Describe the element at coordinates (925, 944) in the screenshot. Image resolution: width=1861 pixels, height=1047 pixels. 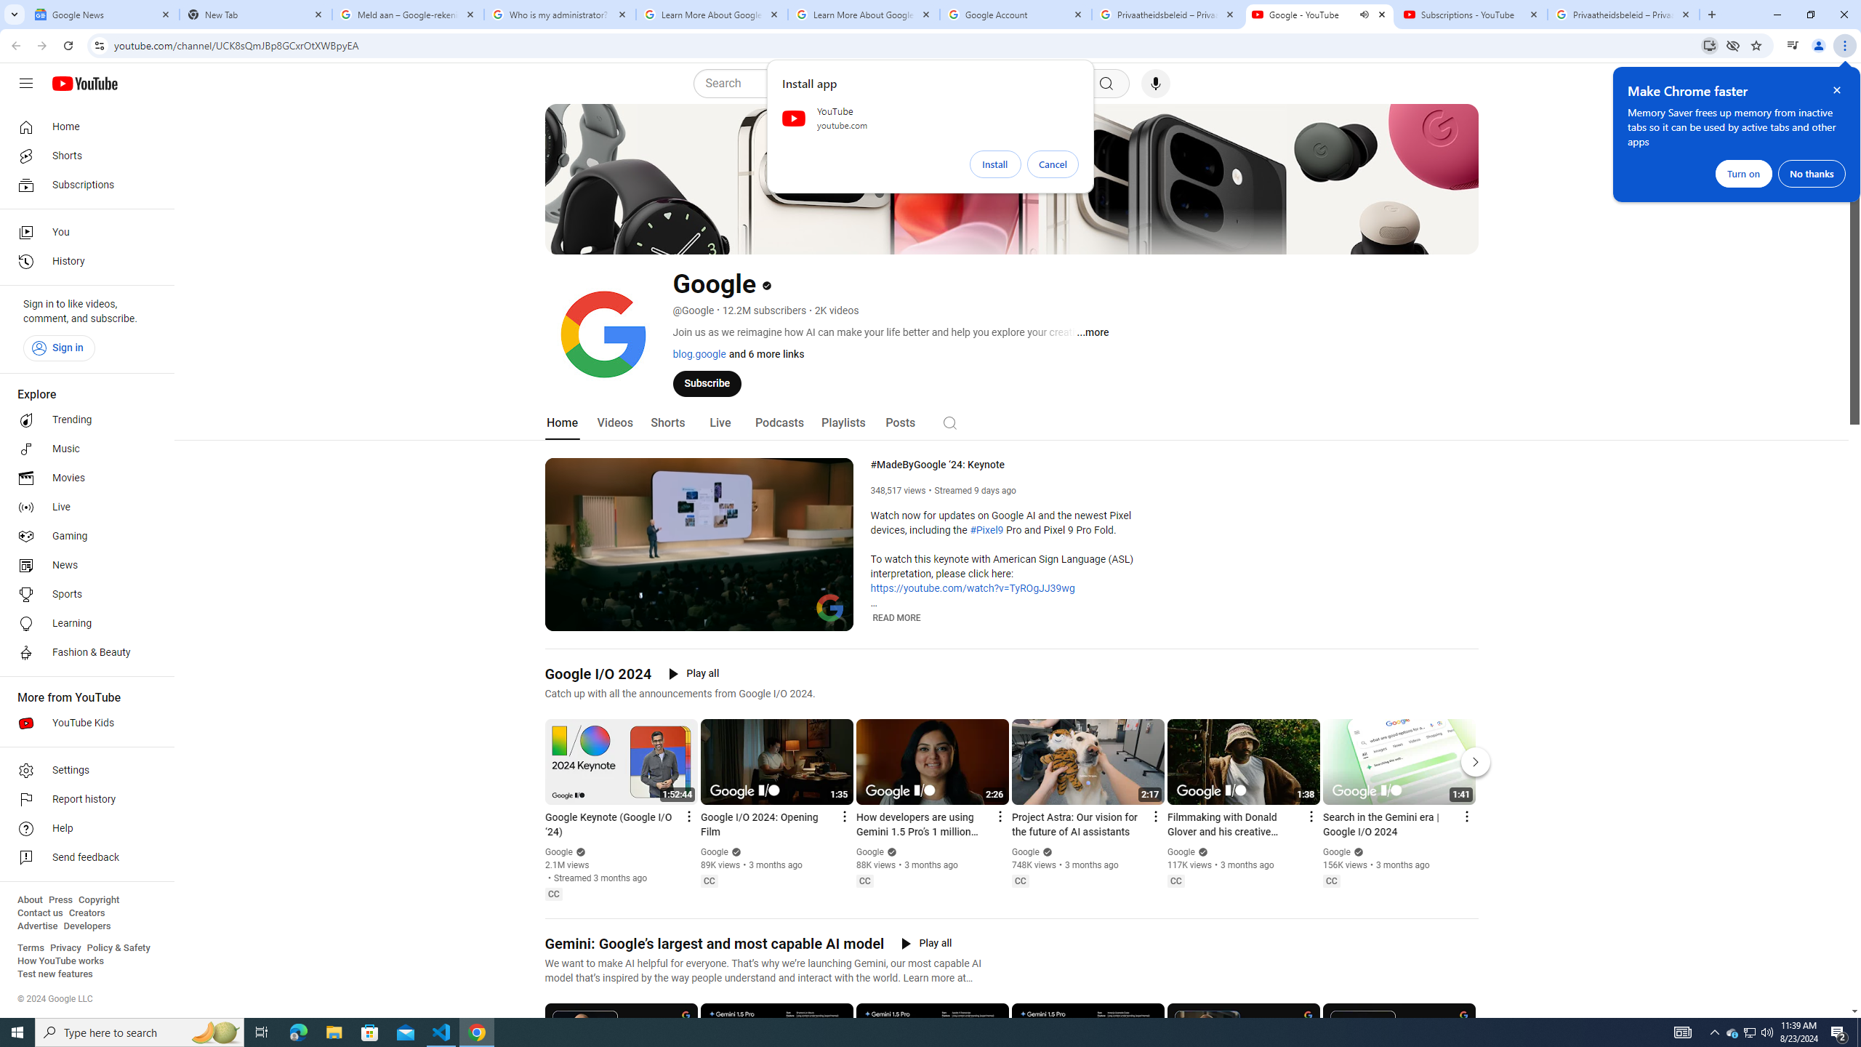
I see `'Play all'` at that location.